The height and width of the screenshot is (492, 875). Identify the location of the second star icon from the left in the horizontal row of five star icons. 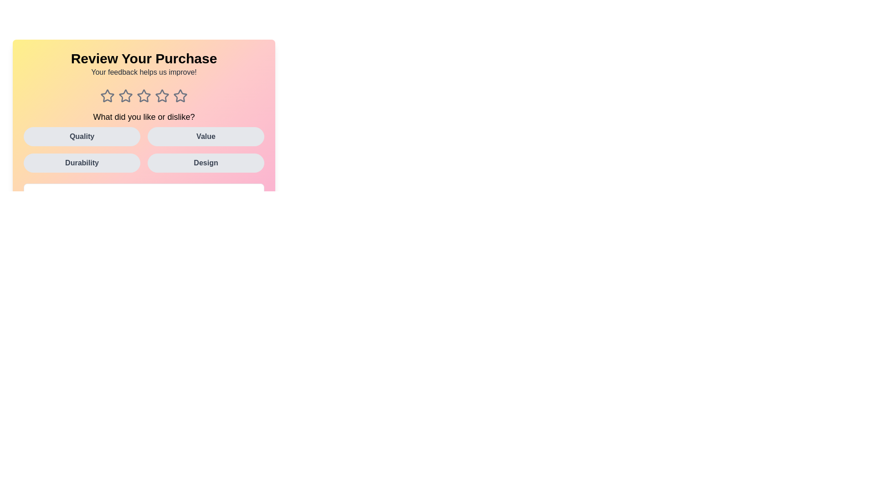
(125, 96).